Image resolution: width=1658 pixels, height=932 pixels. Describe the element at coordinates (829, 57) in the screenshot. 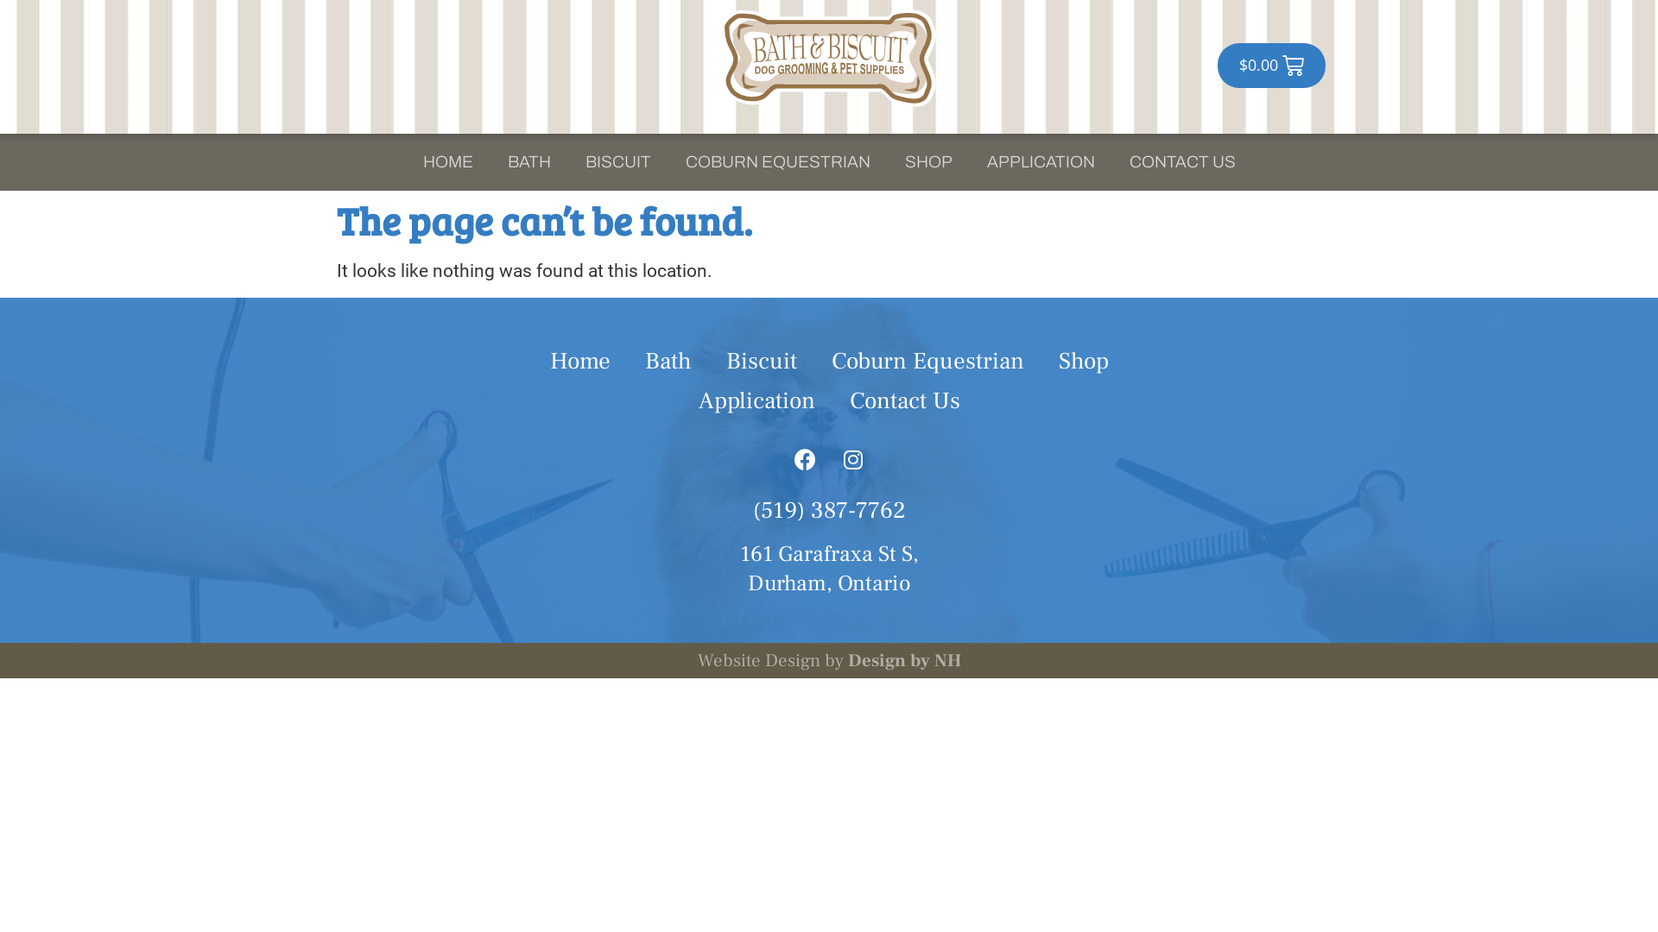

I see `'bath and biscuit'` at that location.